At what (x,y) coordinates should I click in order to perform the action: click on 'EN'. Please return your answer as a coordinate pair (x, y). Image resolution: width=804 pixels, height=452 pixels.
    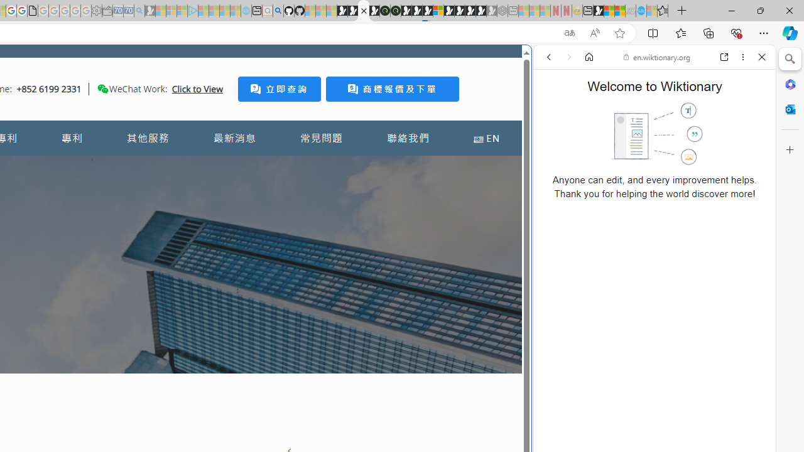
    Looking at the image, I should click on (486, 138).